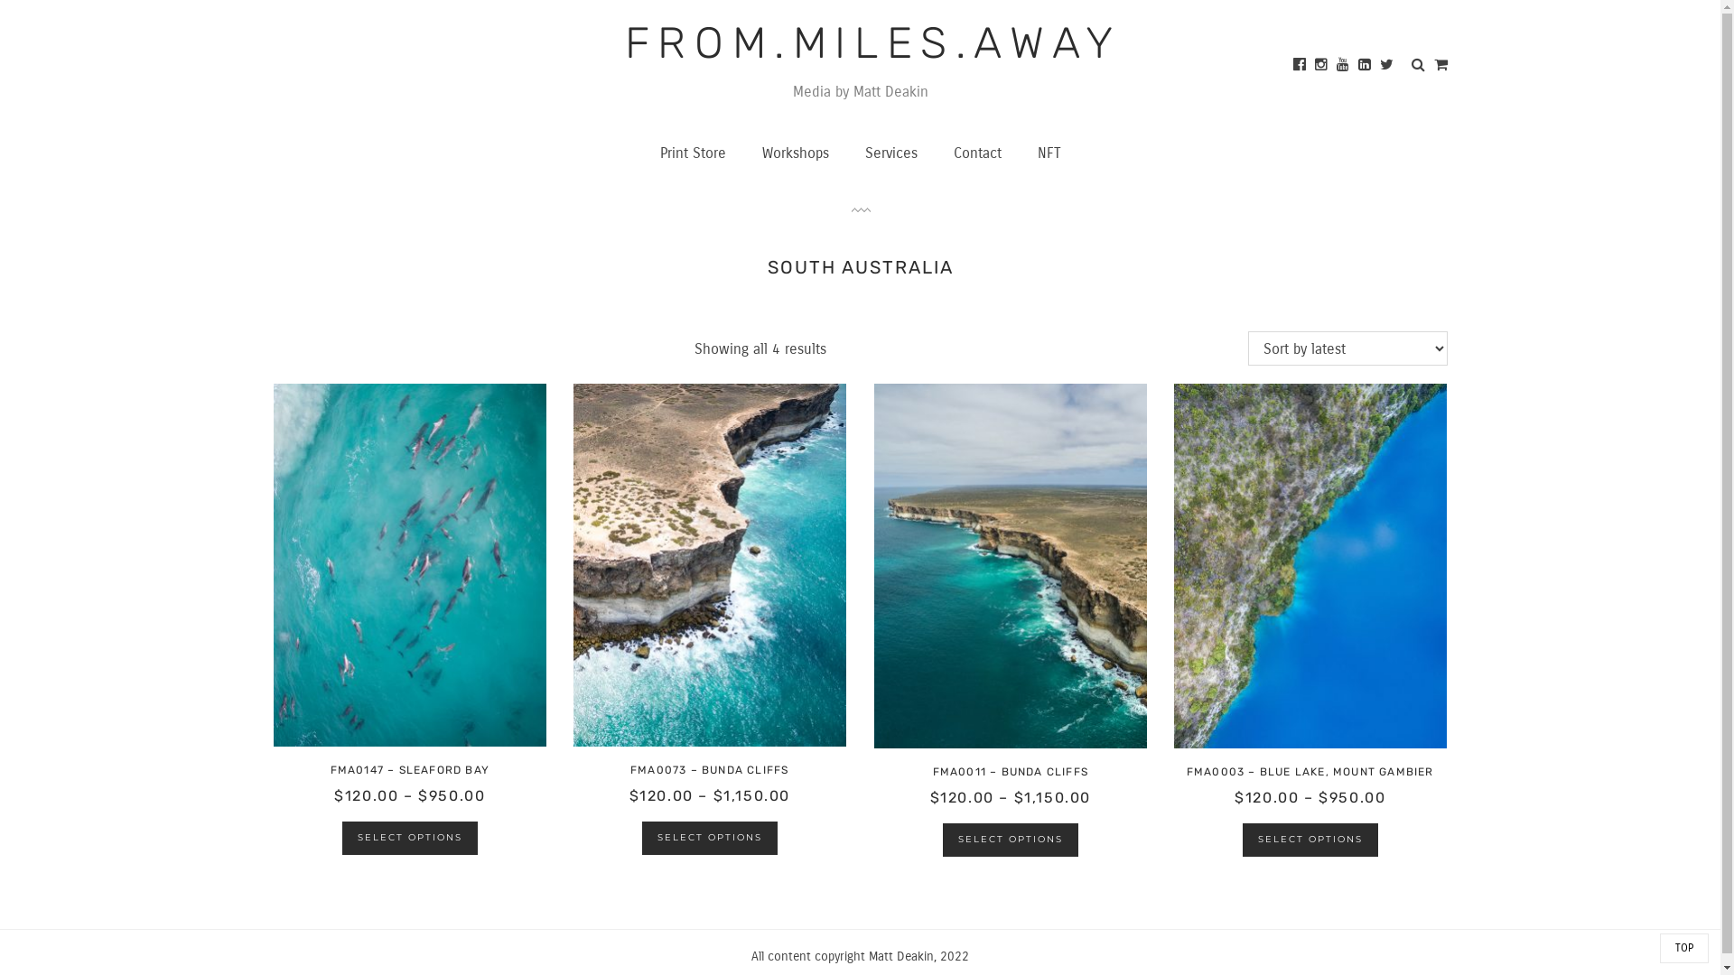 This screenshot has height=975, width=1734. I want to click on 'Contact', so click(976, 152).